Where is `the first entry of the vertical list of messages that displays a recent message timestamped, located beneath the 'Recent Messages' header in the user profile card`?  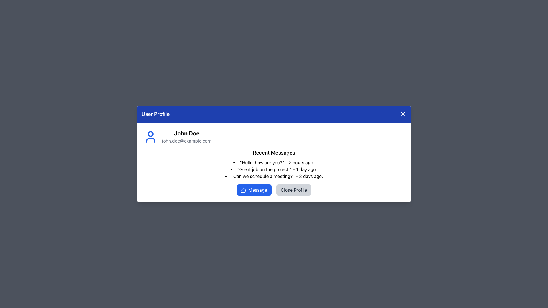
the first entry of the vertical list of messages that displays a recent message timestamped, located beneath the 'Recent Messages' header in the user profile card is located at coordinates (274, 163).